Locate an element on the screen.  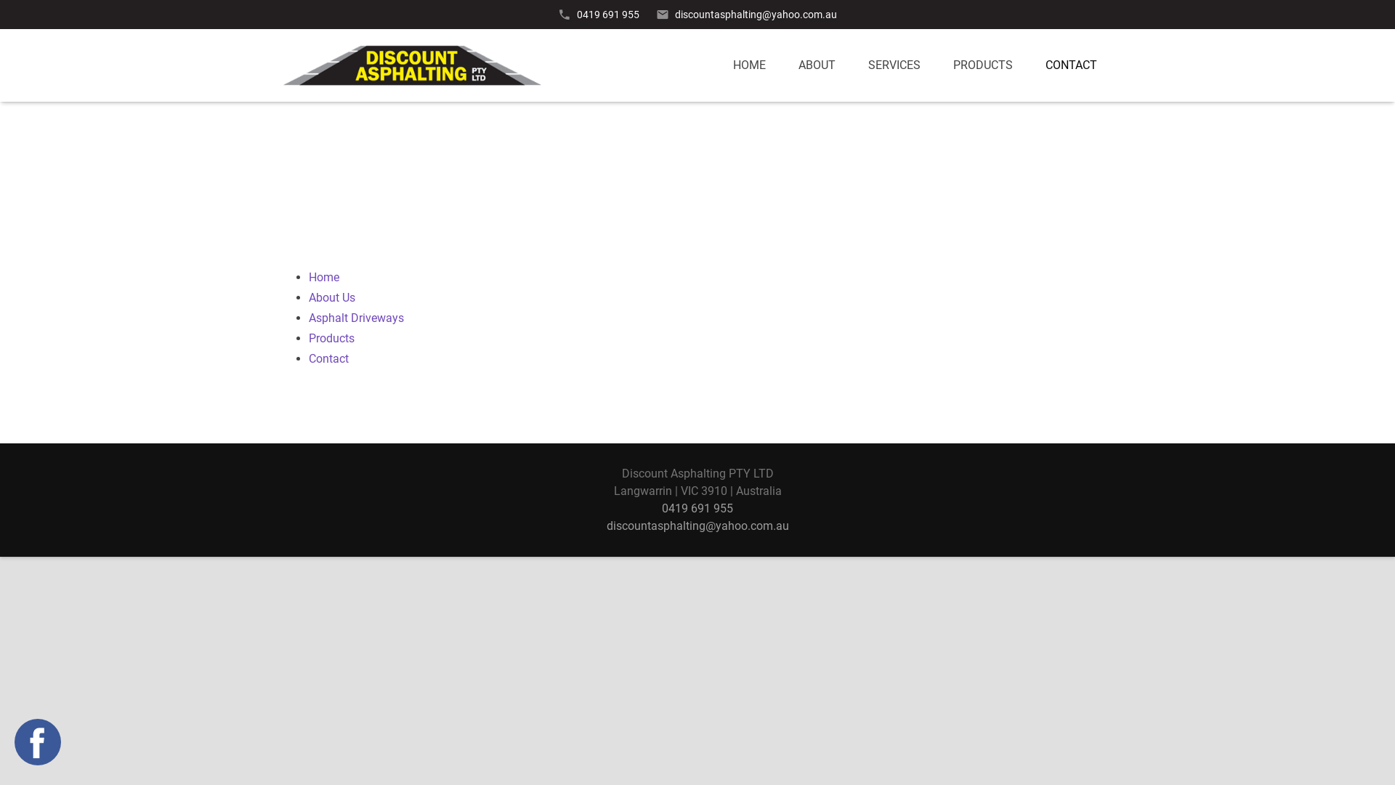
'discountasphalting@yahoo.com.au' is located at coordinates (696, 526).